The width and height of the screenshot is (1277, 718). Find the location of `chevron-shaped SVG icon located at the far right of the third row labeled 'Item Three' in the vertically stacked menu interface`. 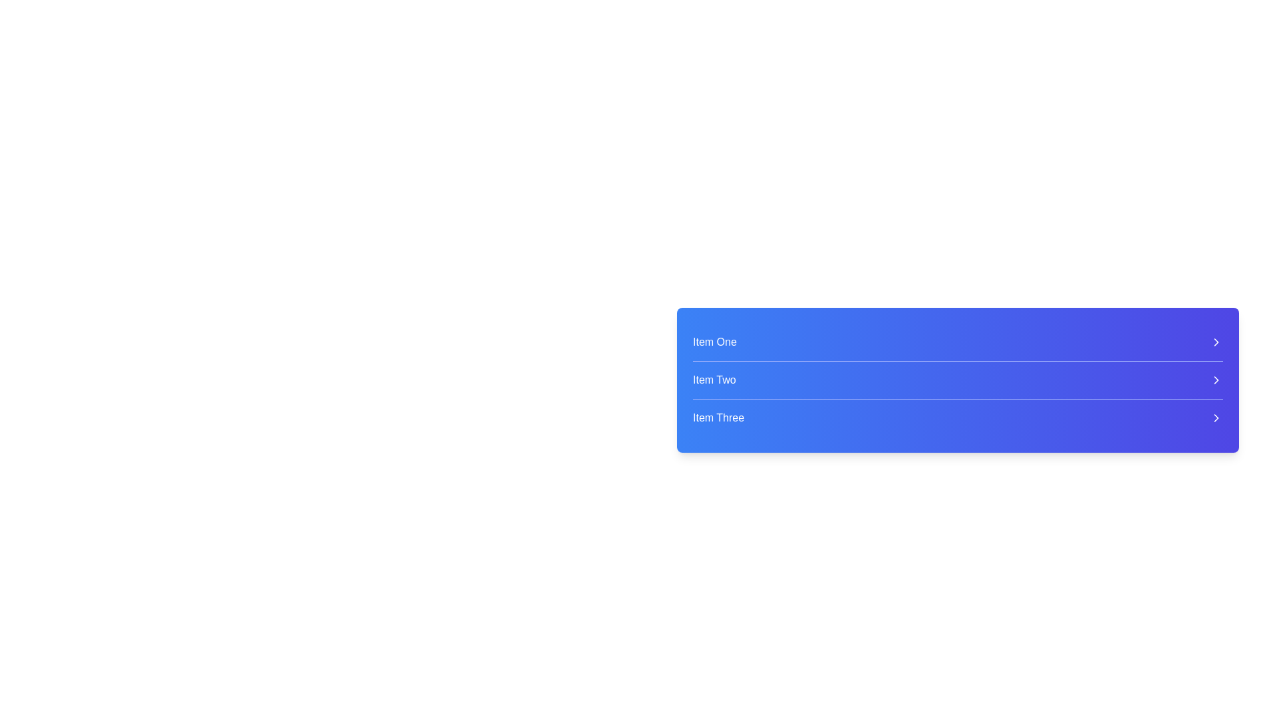

chevron-shaped SVG icon located at the far right of the third row labeled 'Item Three' in the vertically stacked menu interface is located at coordinates (1216, 342).